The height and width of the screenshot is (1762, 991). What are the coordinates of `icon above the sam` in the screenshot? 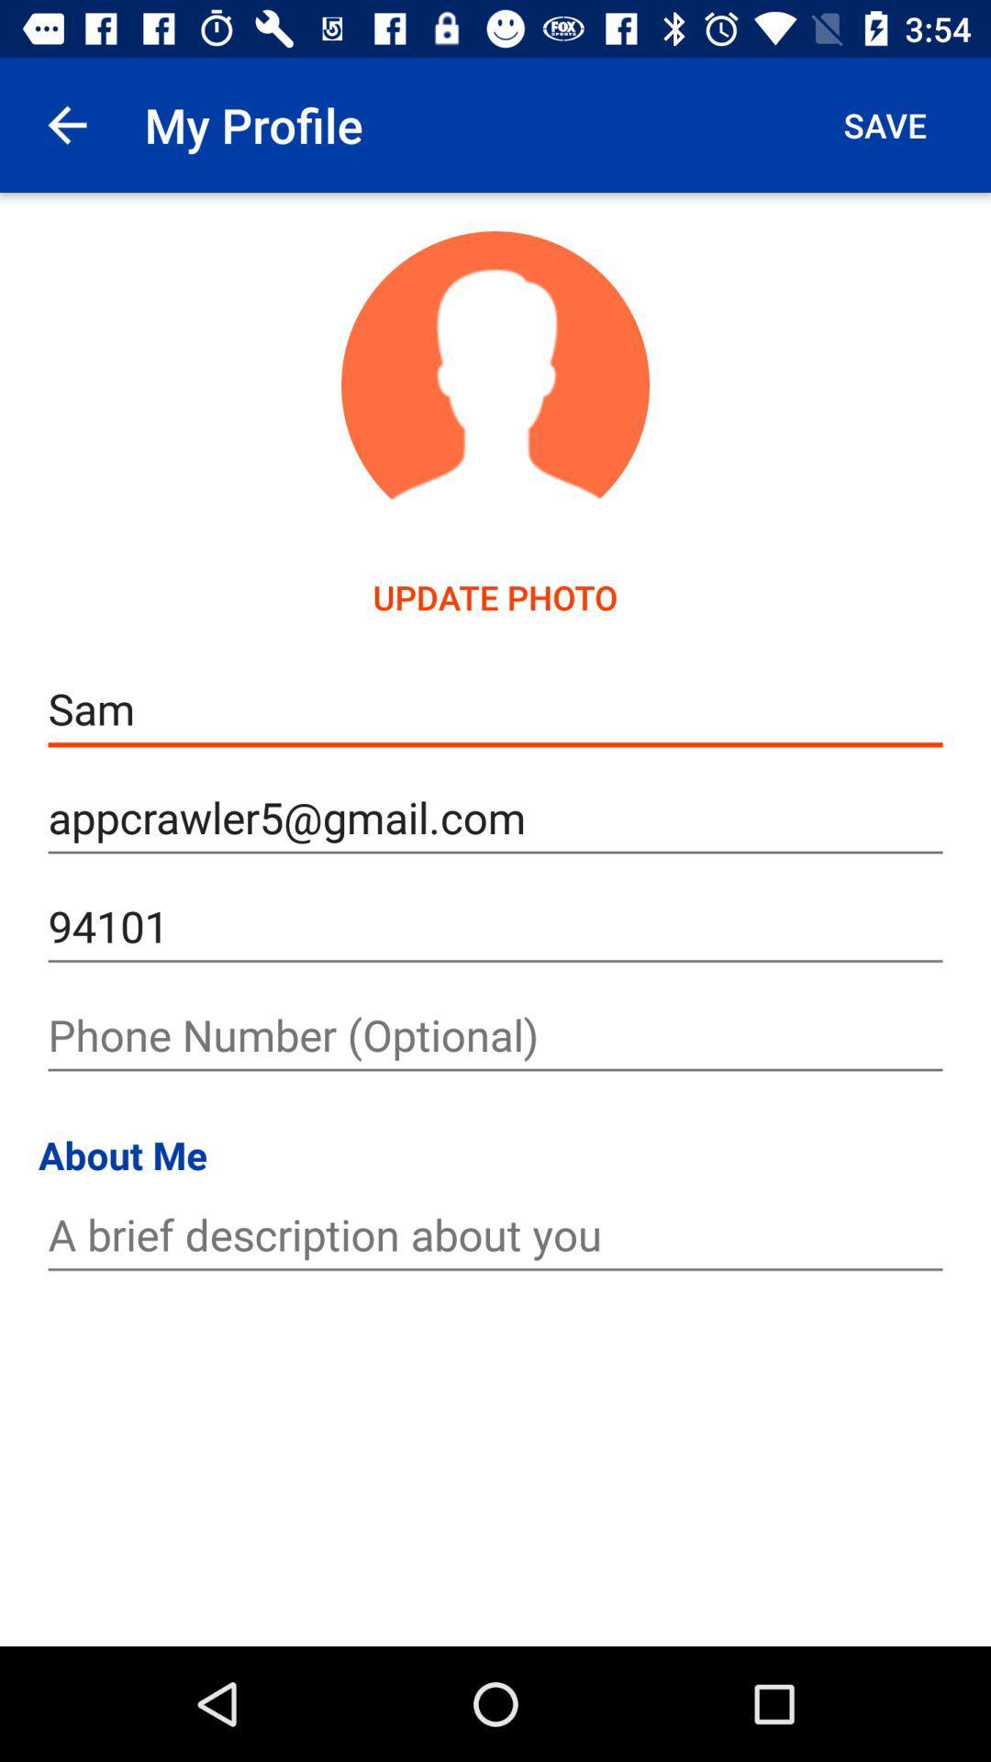 It's located at (495, 597).